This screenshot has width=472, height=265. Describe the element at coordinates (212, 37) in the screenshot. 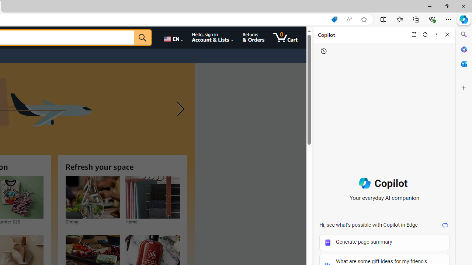

I see `'Hello, sign in Account & Lists'` at that location.